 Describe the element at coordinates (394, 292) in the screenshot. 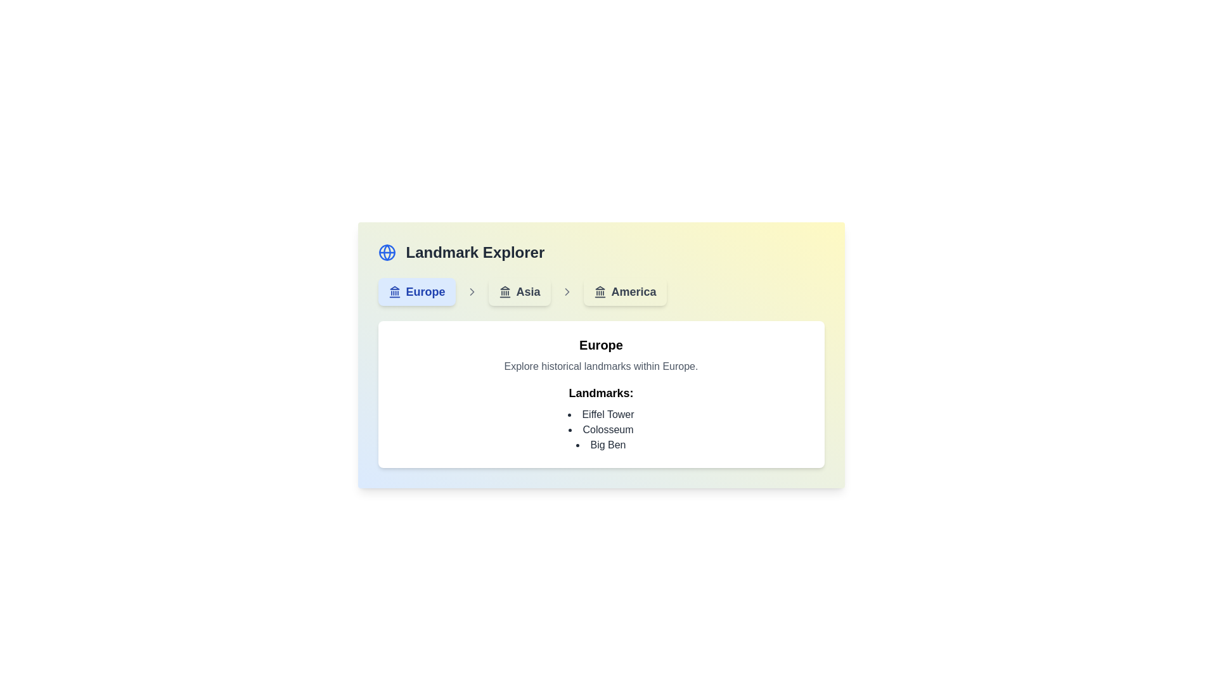

I see `the decorative icon associated with the 'Europe' button, which is positioned to the left of the button's text within a navigation bar` at that location.